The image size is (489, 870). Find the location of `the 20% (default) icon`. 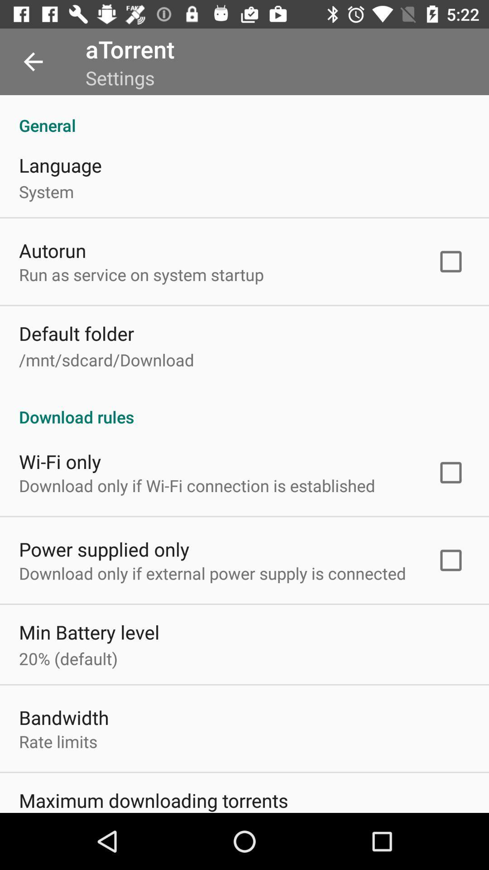

the 20% (default) icon is located at coordinates (68, 658).